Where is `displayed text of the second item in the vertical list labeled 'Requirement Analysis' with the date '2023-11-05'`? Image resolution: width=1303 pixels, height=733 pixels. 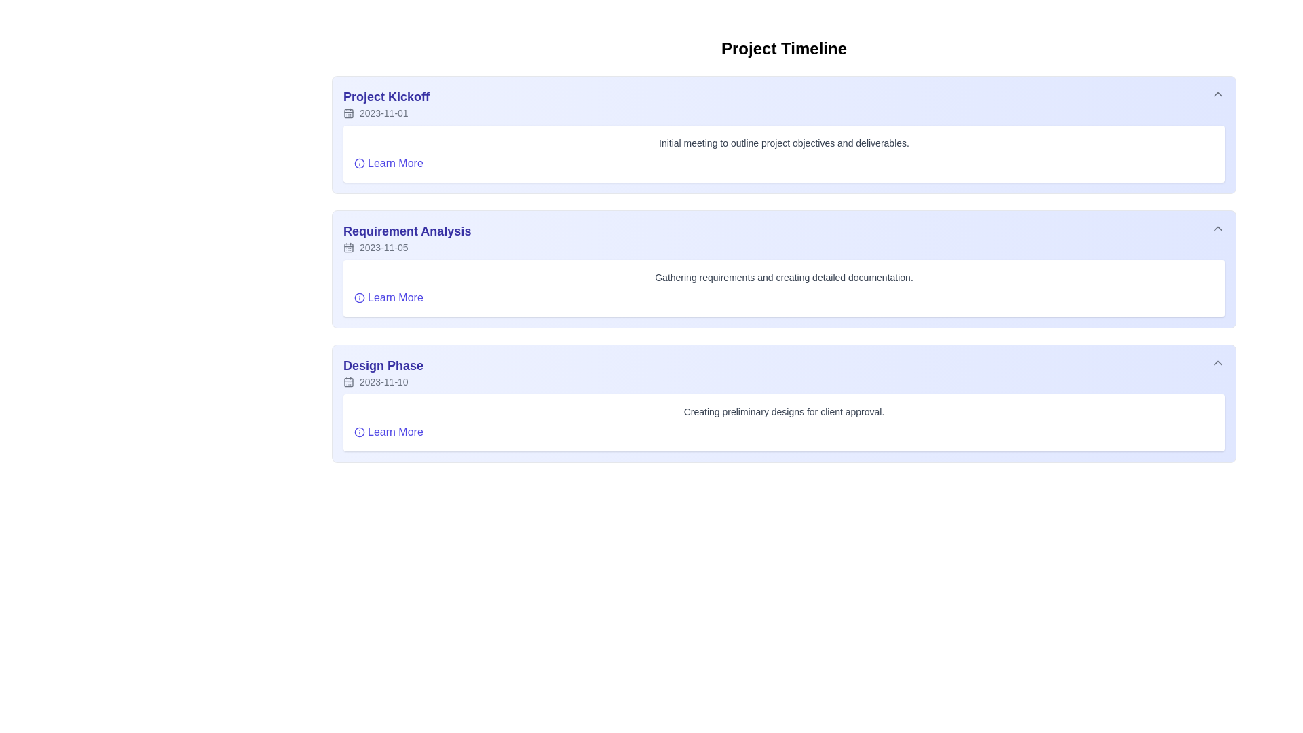 displayed text of the second item in the vertical list labeled 'Requirement Analysis' with the date '2023-11-05' is located at coordinates (407, 238).